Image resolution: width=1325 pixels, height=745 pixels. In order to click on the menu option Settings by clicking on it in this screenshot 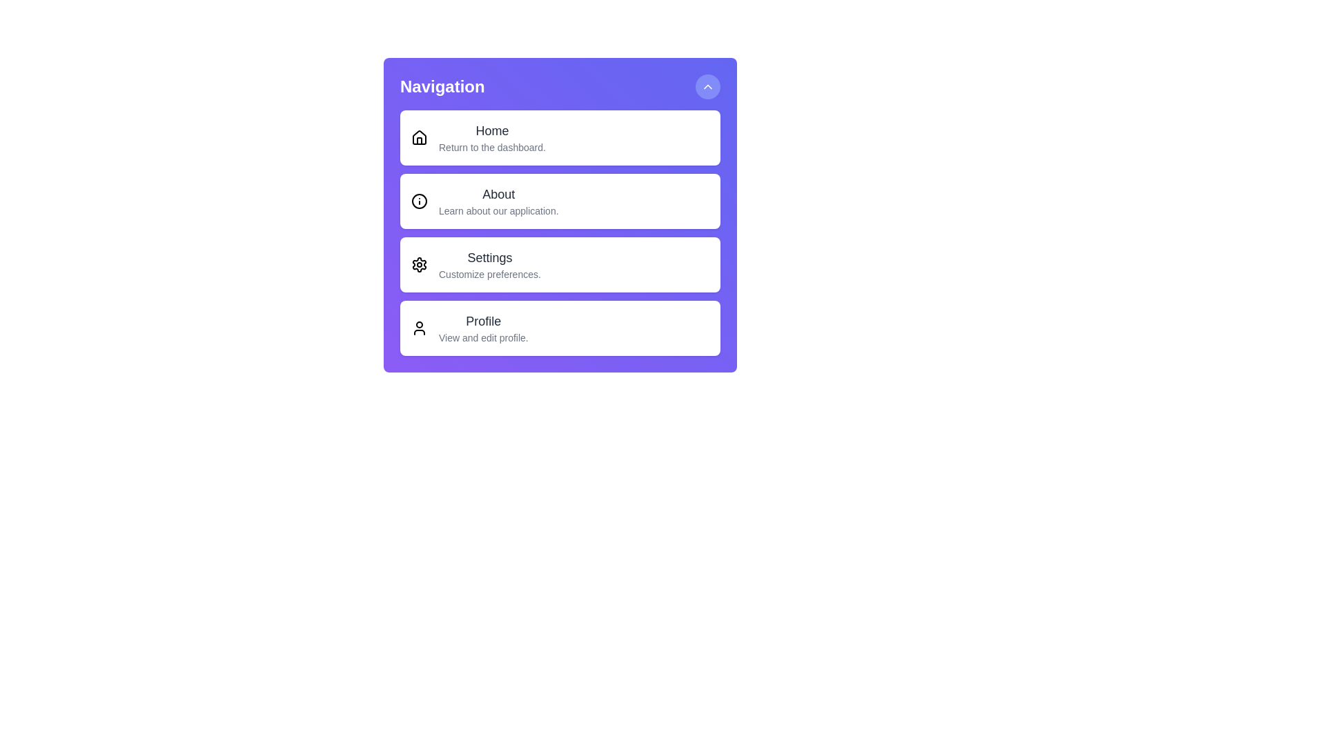, I will do `click(560, 265)`.